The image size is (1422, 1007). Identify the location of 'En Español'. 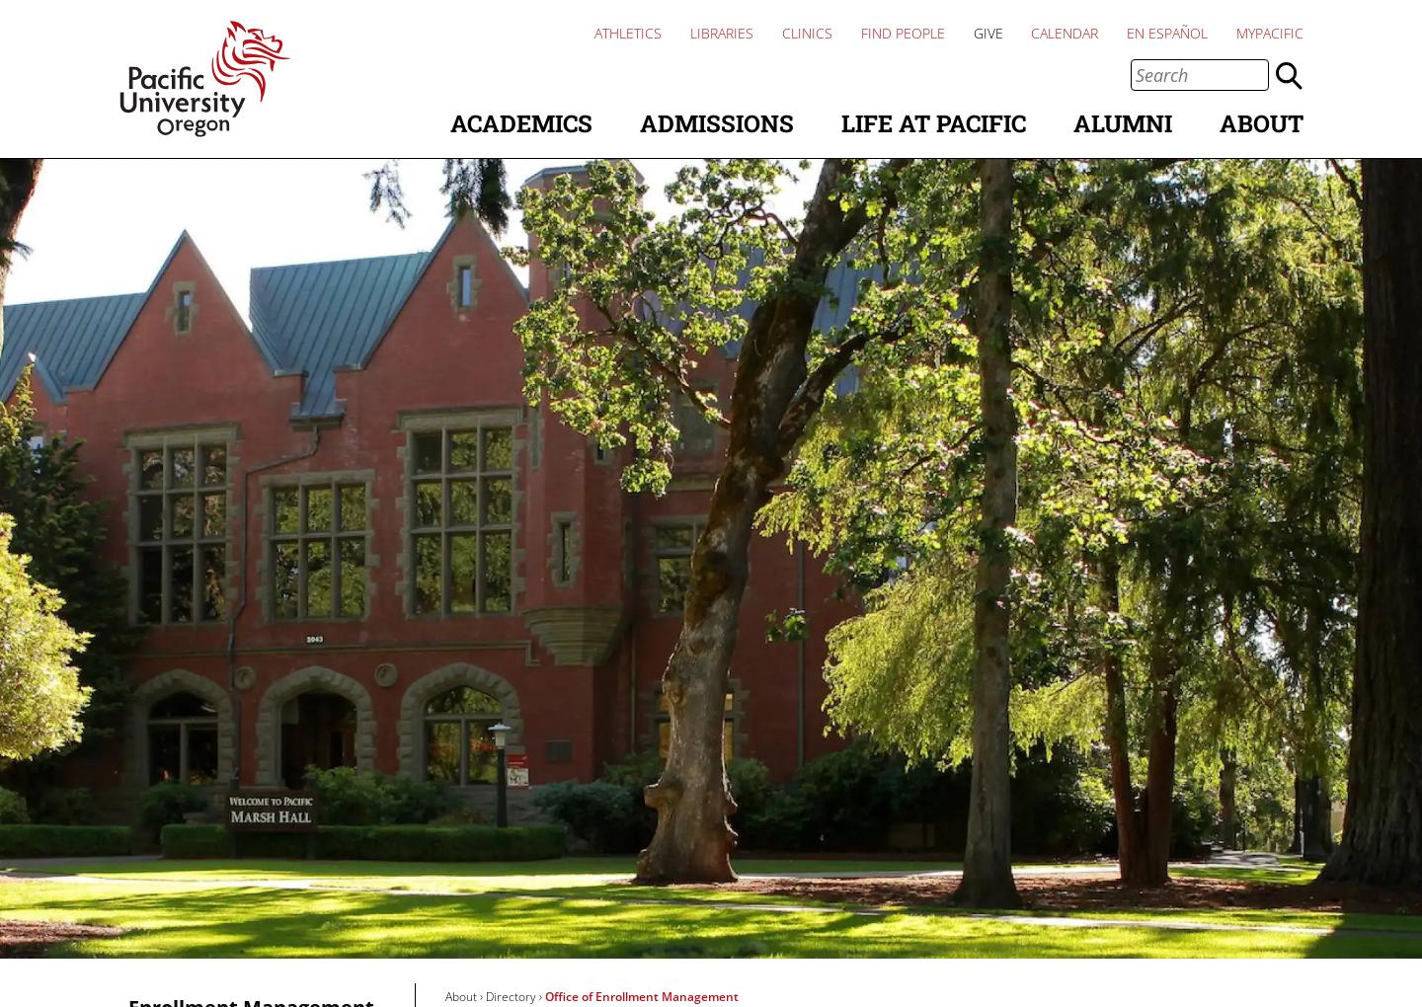
(1127, 32).